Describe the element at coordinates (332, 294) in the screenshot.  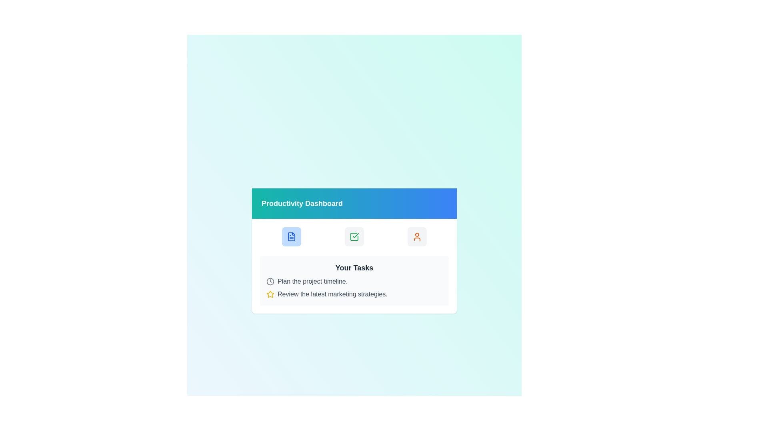
I see `the text label that conveys the task 'Review the latest marketing strategies.' located under 'Your Tasks' to guide user focus towards this task` at that location.